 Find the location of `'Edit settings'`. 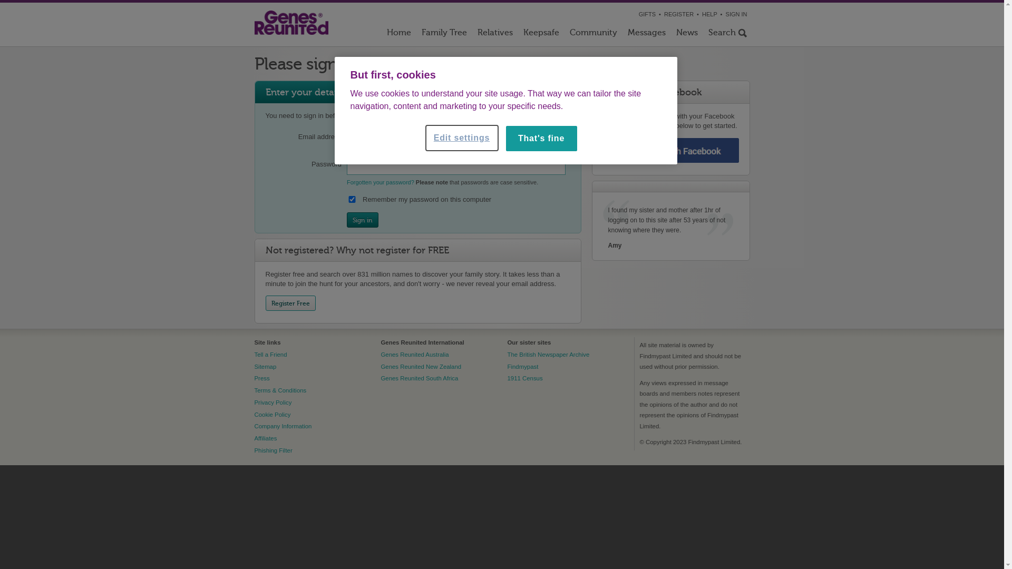

'Edit settings' is located at coordinates (461, 138).